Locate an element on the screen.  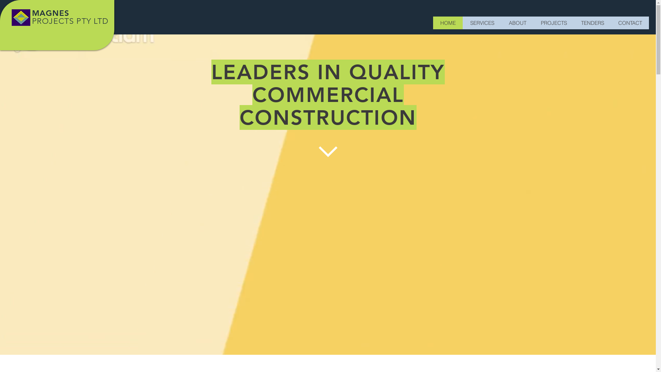
'PROJECTS' is located at coordinates (554, 22).